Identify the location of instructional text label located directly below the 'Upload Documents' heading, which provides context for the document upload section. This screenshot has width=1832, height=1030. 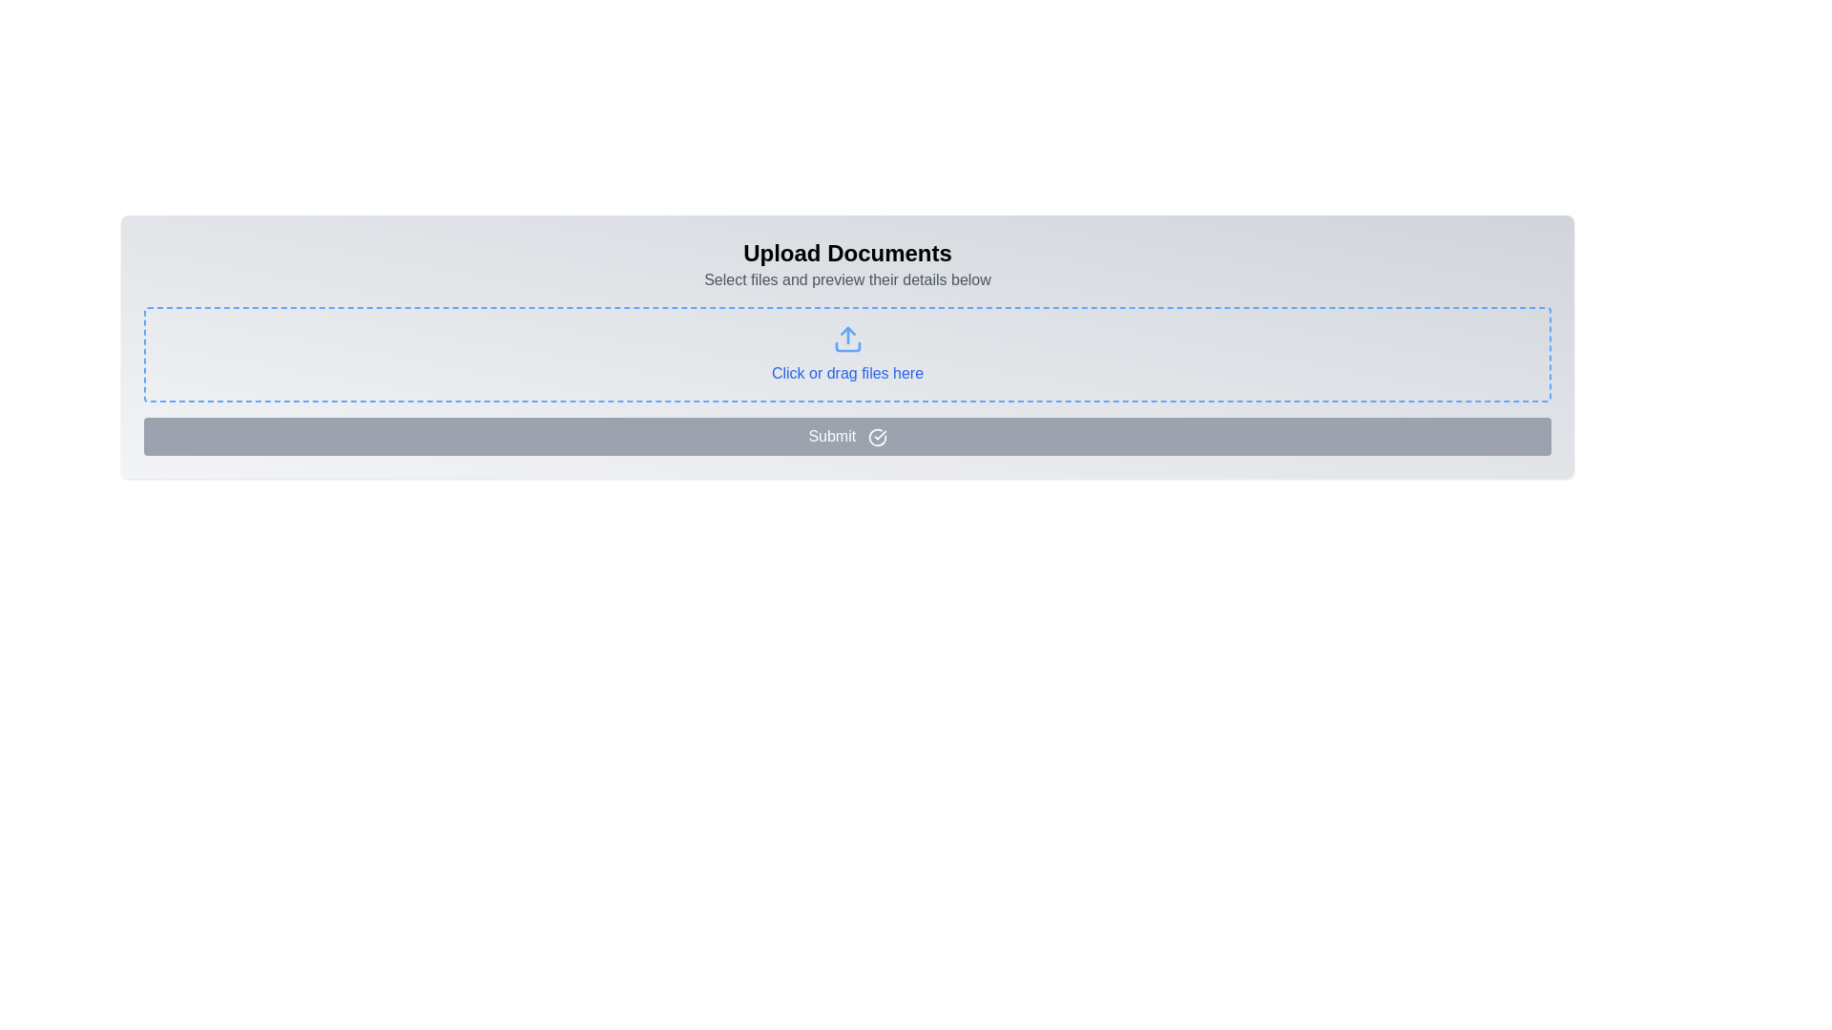
(846, 279).